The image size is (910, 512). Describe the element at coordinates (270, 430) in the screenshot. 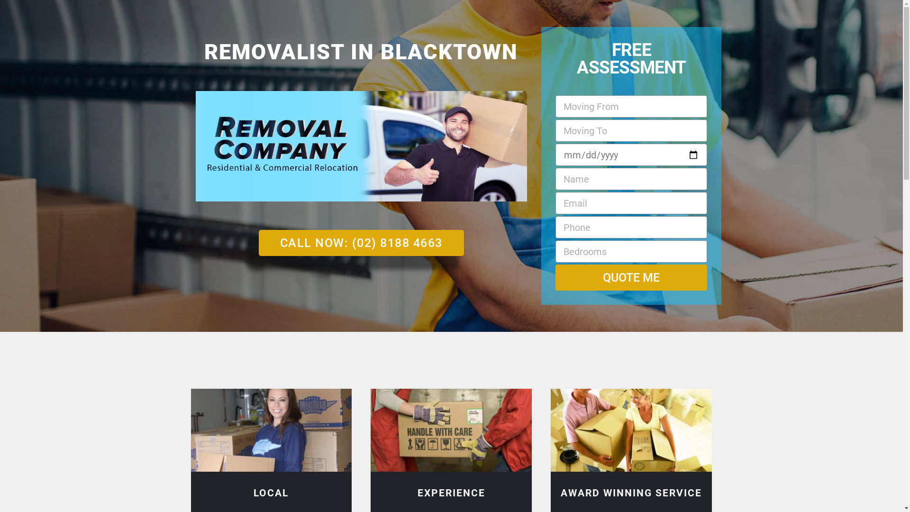

I see `'Local Blacktown Removalists'` at that location.